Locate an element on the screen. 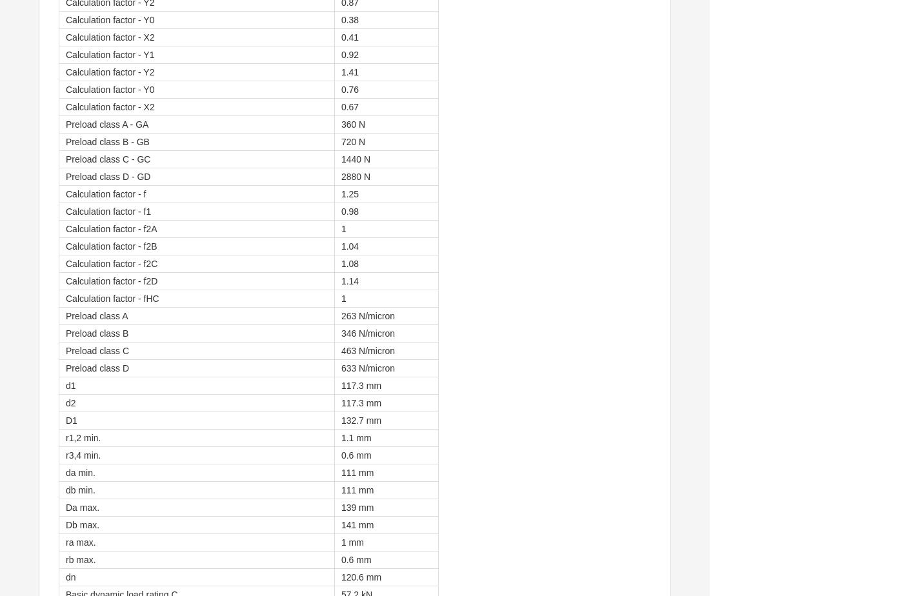 The image size is (904, 596). '0.67' is located at coordinates (349, 107).